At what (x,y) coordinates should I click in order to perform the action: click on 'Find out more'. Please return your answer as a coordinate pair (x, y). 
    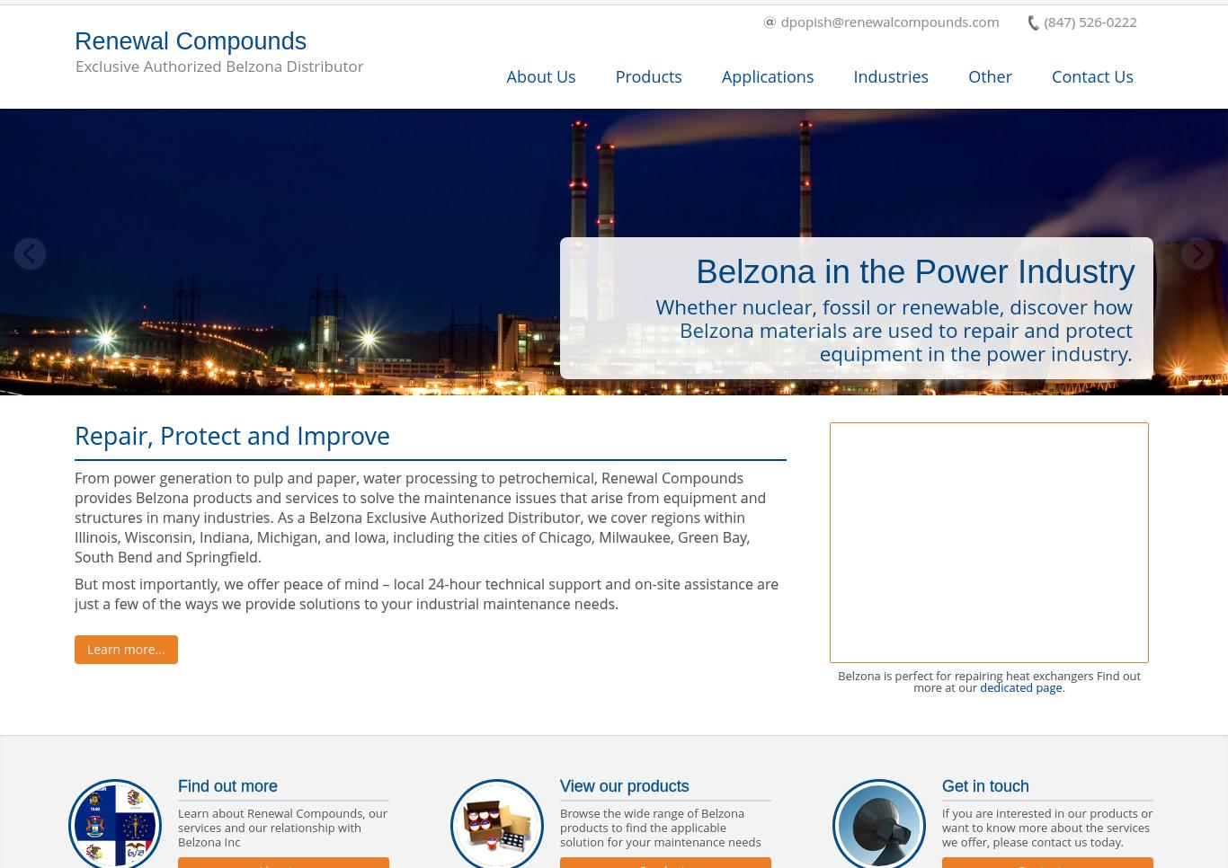
    Looking at the image, I should click on (176, 785).